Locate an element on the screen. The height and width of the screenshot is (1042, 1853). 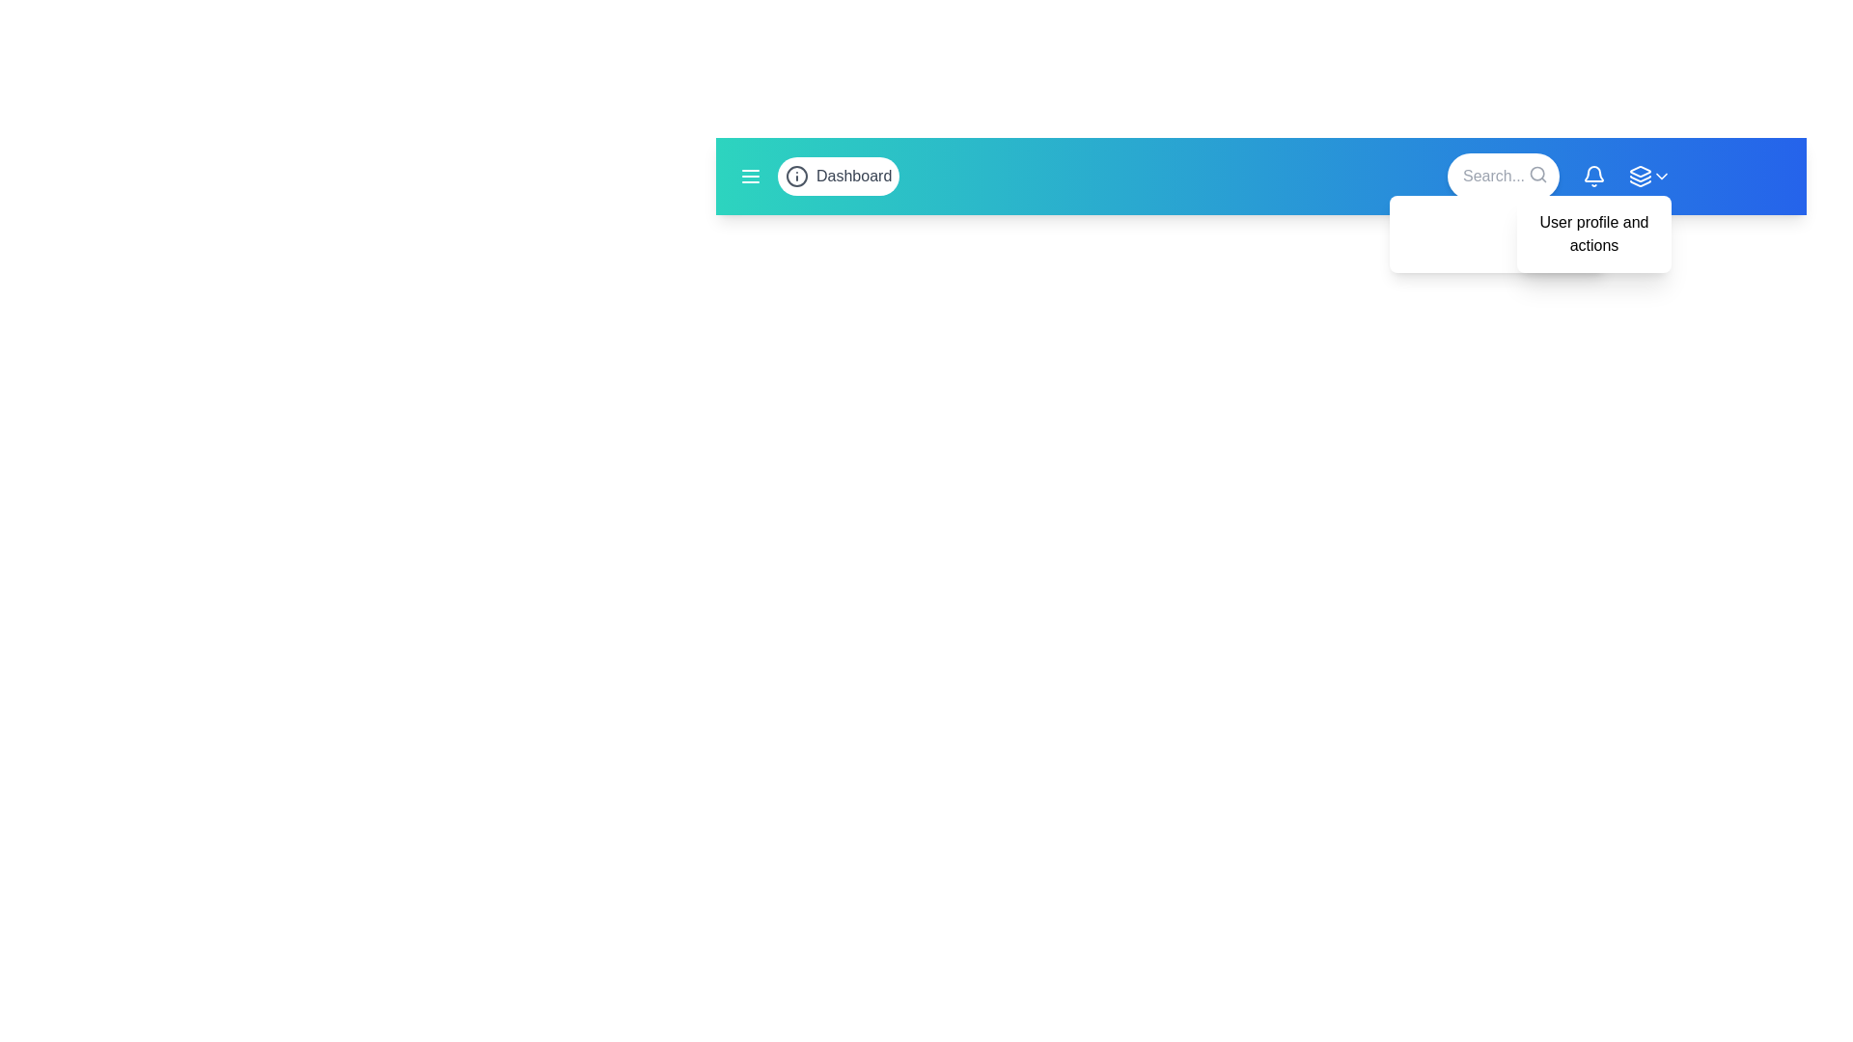
the compact SVG graphic icon shaped like a stack of three parallelogram layers, styled with a light blue fill and white outline, located towards the far right of the top navigation bar is located at coordinates (1639, 176).